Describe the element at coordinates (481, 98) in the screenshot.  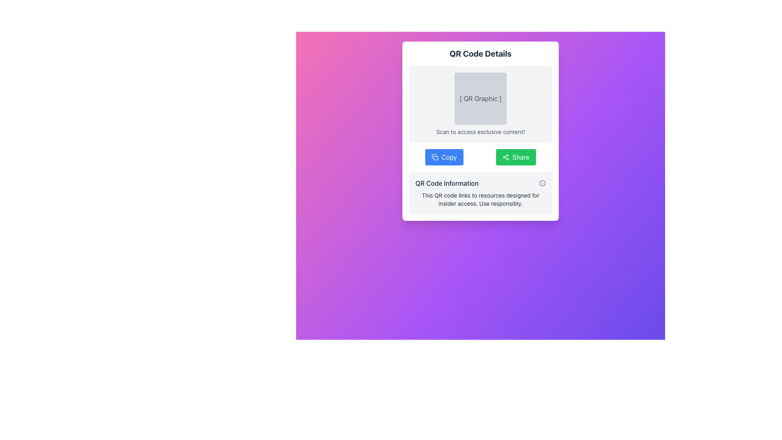
I see `the text label that reads '[ QR Graphic ]', which is styled in gray and located within a light gray square box in the 'QR Code Details' card interface` at that location.